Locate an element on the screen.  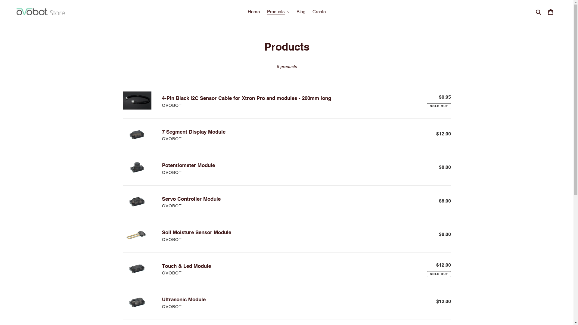
'Search' is located at coordinates (539, 12).